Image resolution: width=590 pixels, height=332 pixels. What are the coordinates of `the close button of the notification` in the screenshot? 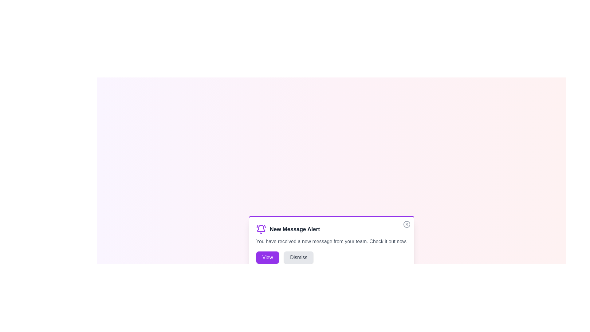 It's located at (407, 224).